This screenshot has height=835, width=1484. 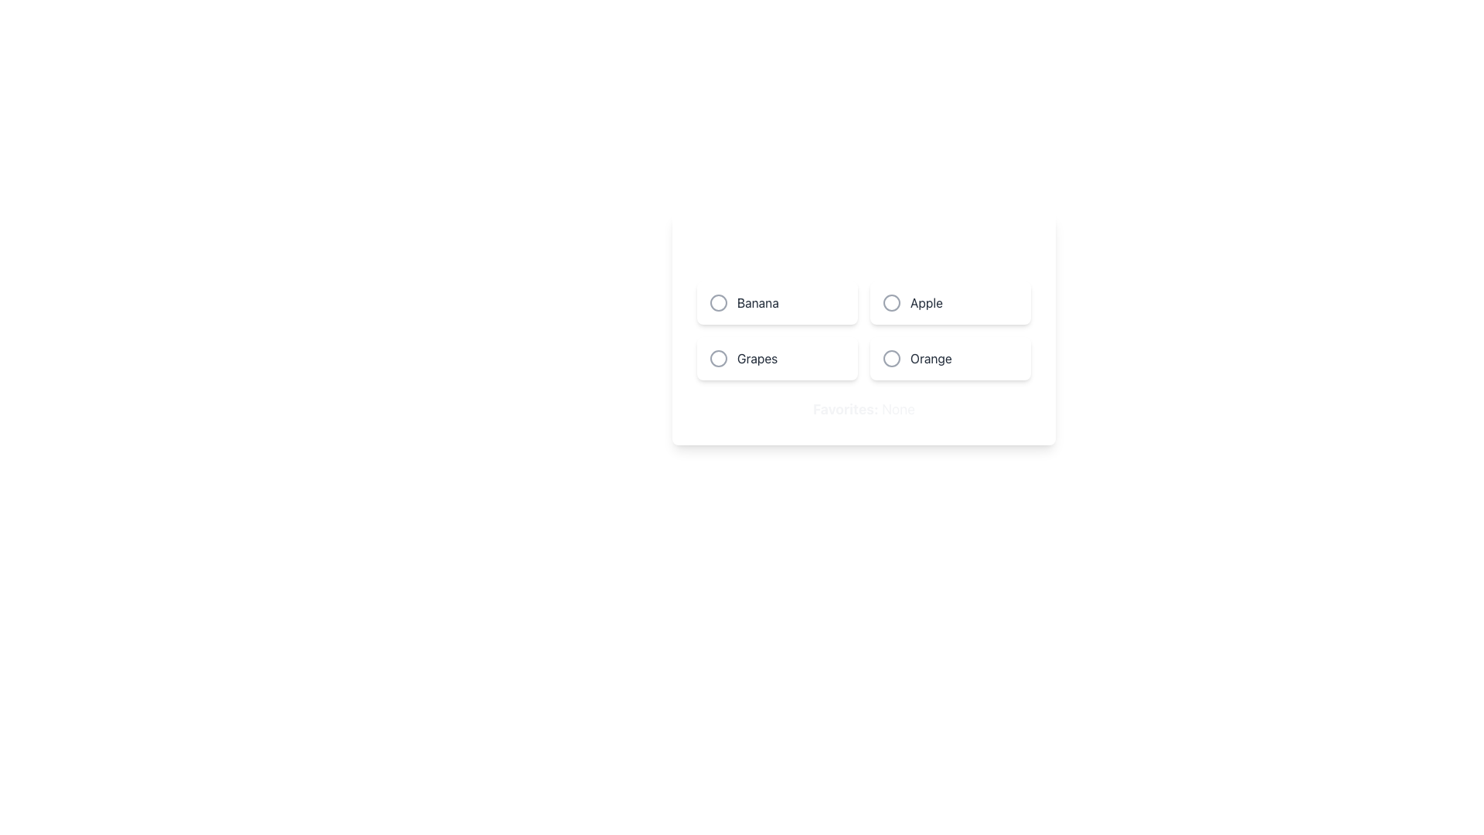 I want to click on the SVG Icon (Circle) that represents the selection for 'Banana', so click(x=718, y=303).